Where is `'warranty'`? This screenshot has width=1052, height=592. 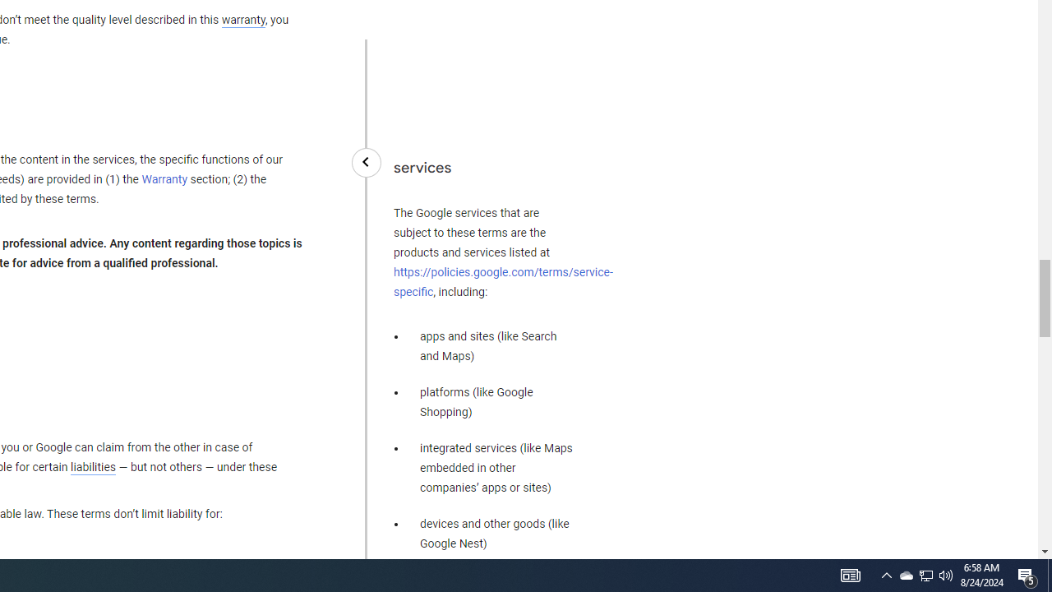
'warranty' is located at coordinates (242, 21).